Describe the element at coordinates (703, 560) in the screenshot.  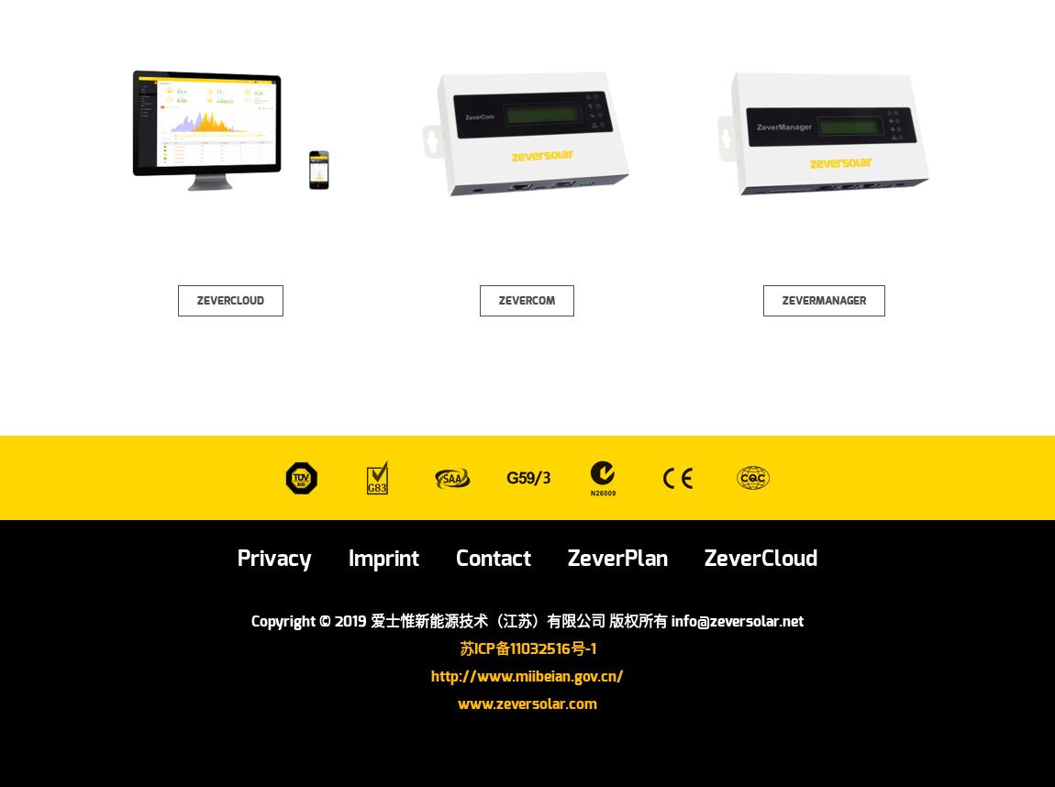
I see `'ZeverCloud'` at that location.